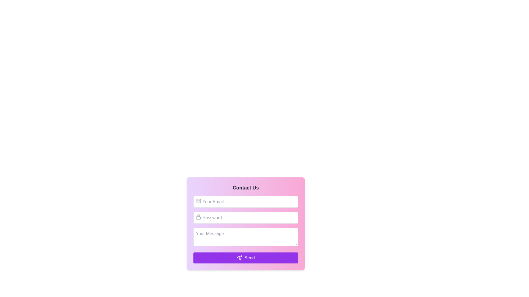  What do you see at coordinates (245, 258) in the screenshot?
I see `the rectangular purple 'Send' button with rounded corners located at the bottom of the 'Contact Us' form` at bounding box center [245, 258].